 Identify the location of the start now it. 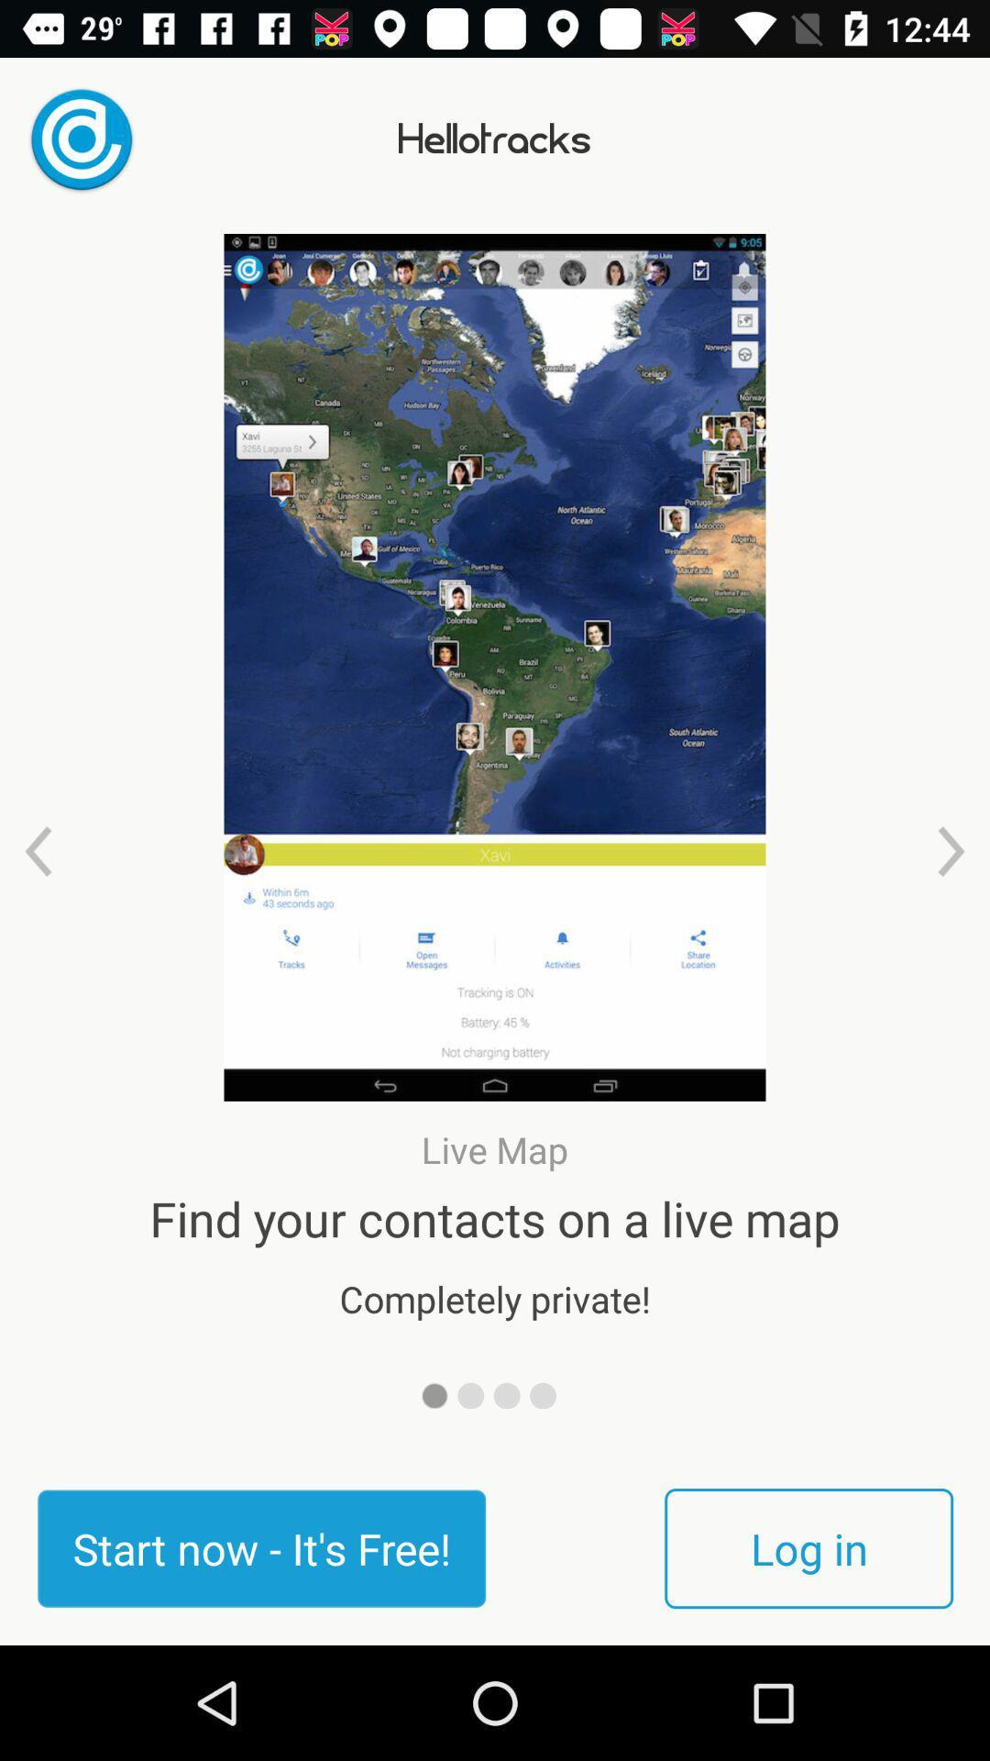
(261, 1547).